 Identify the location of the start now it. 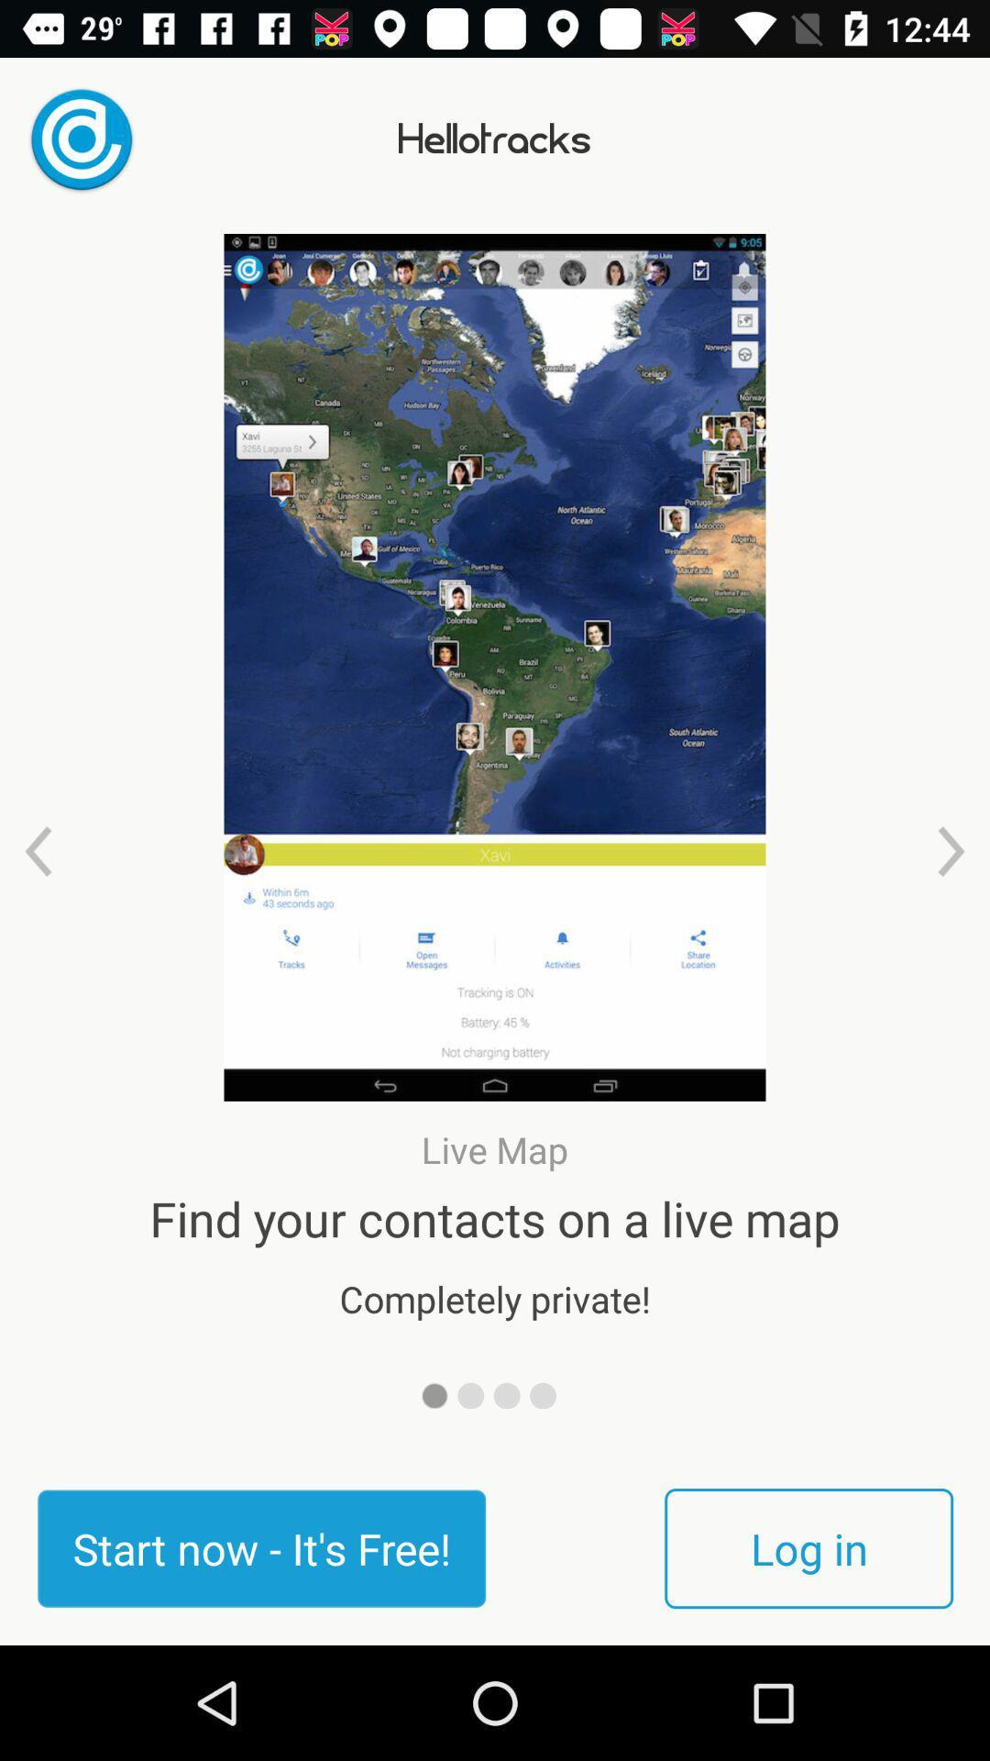
(261, 1547).